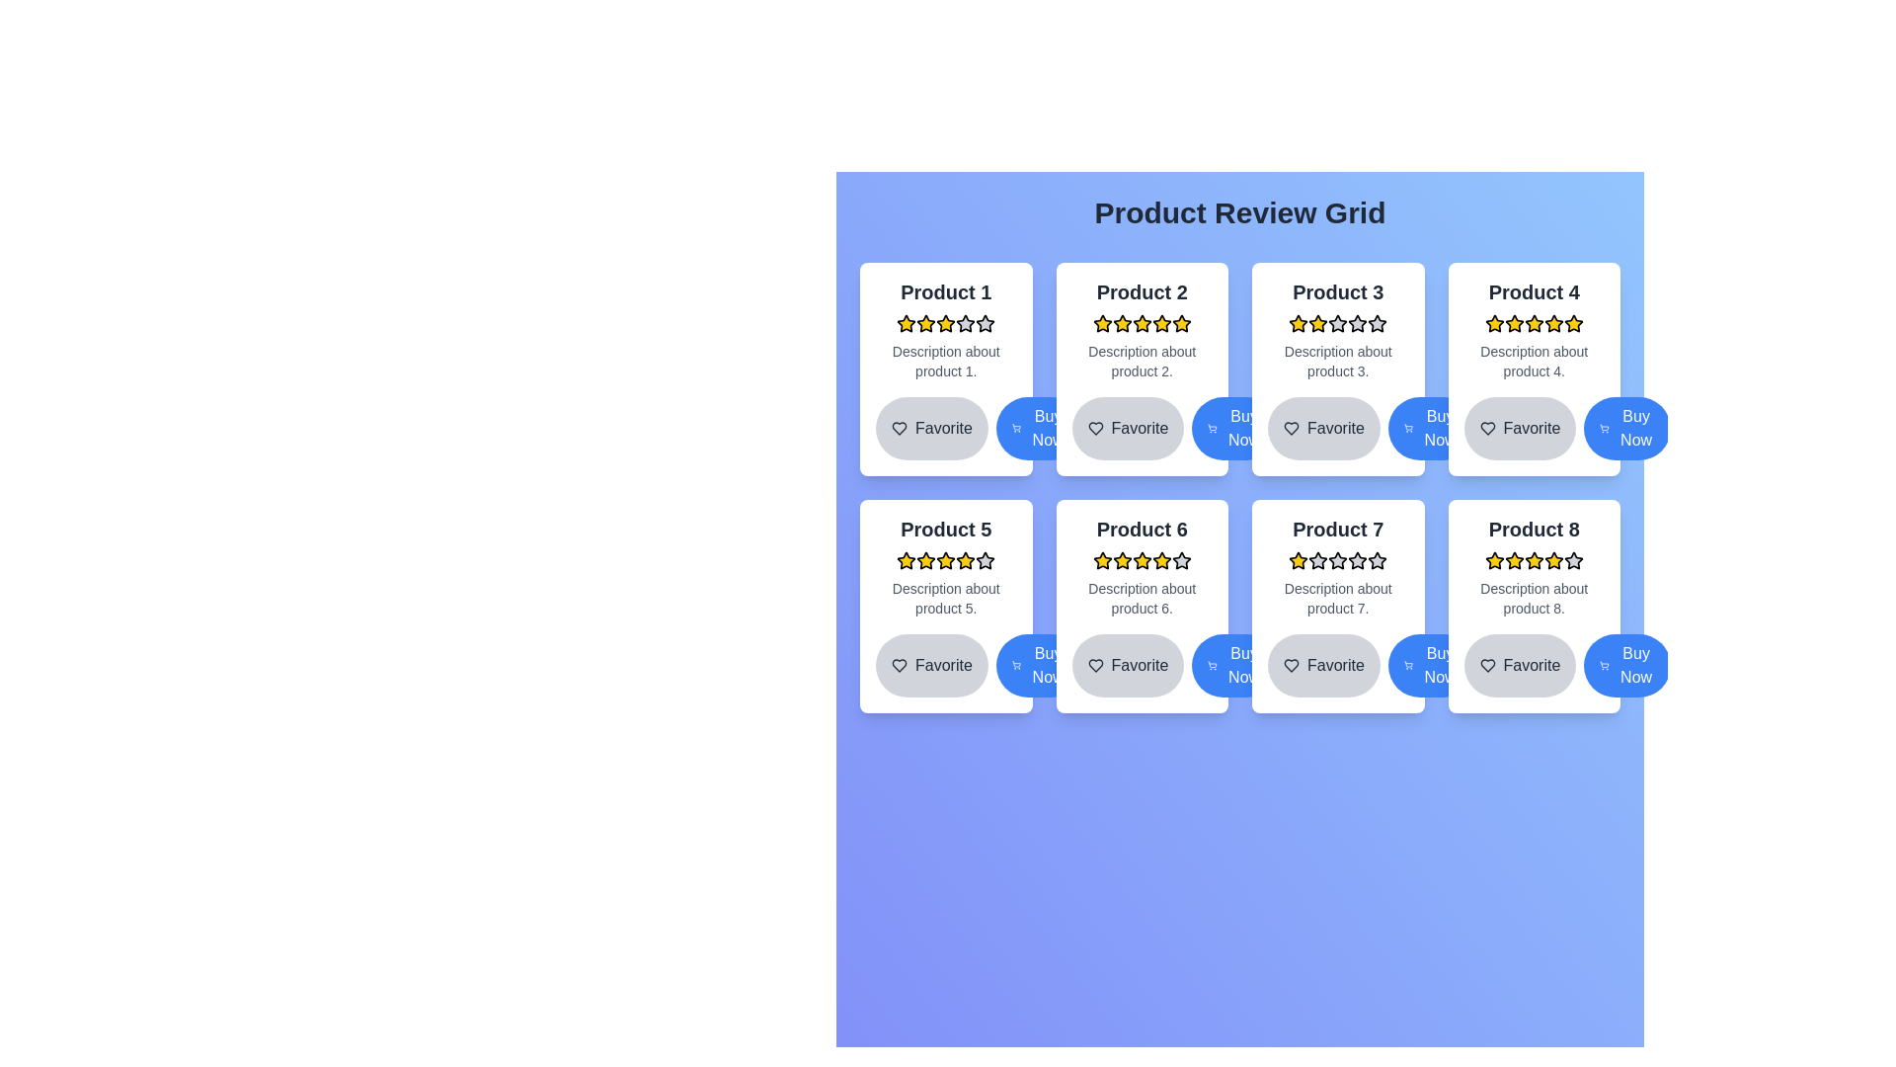 Image resolution: width=1896 pixels, height=1067 pixels. What do you see at coordinates (1513, 560) in the screenshot?
I see `the yellow star rating icon, which is the second star in the rating row for the eighth item in the Product Review Grid section` at bounding box center [1513, 560].